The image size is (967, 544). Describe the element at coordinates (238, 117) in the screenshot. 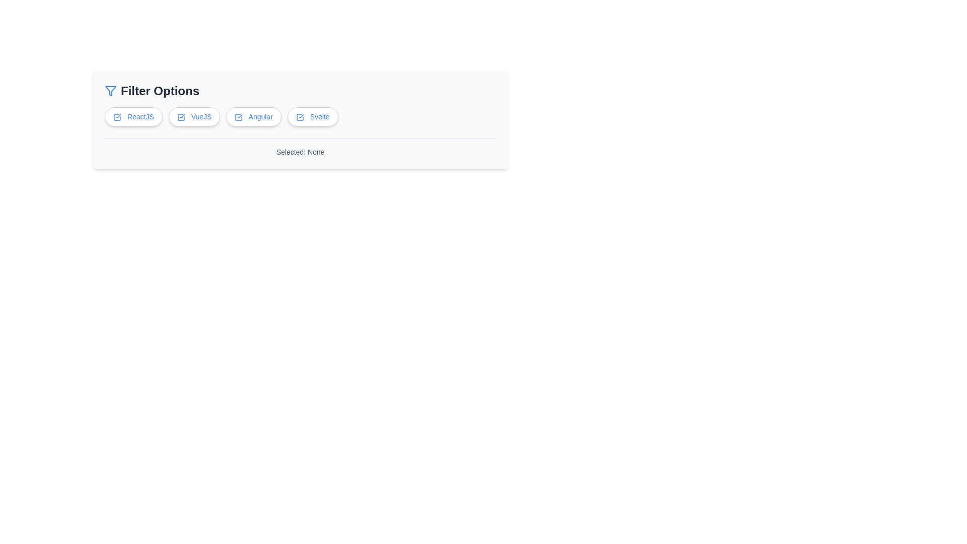

I see `the Checkbox-like icon that indicates the 'Angular' option is currently selected` at that location.